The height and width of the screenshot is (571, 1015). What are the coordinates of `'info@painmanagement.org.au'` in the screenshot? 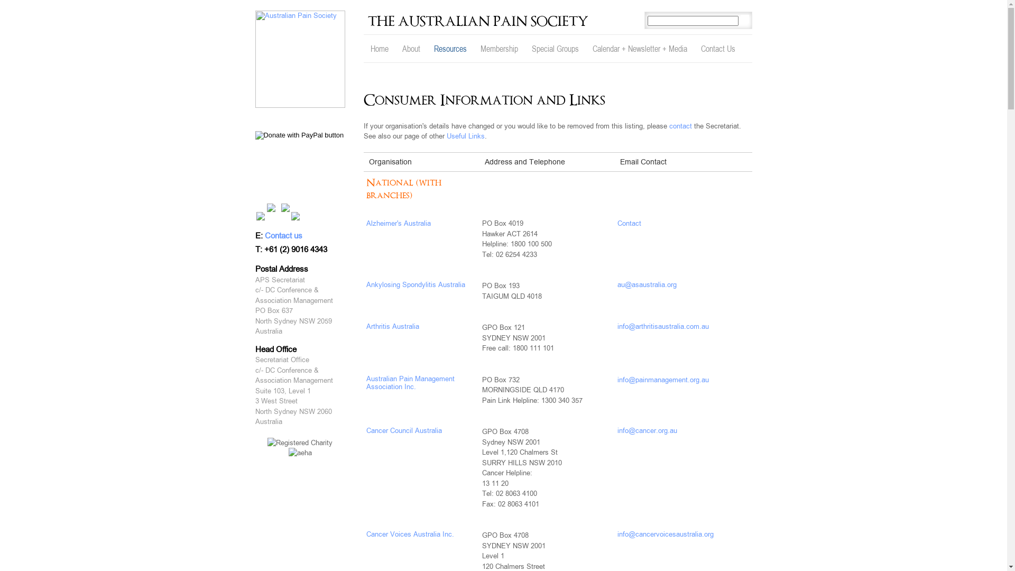 It's located at (662, 379).